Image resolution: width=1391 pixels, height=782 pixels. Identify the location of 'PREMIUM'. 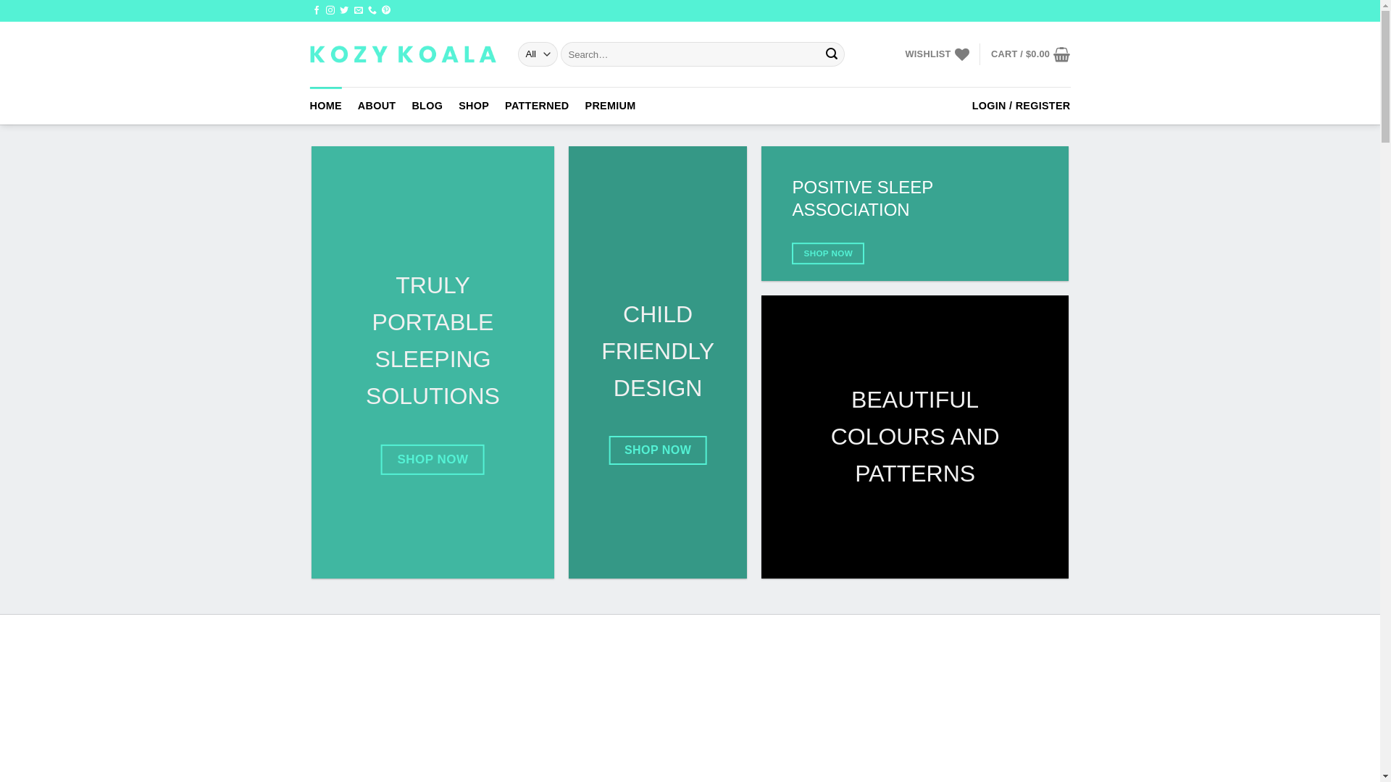
(611, 105).